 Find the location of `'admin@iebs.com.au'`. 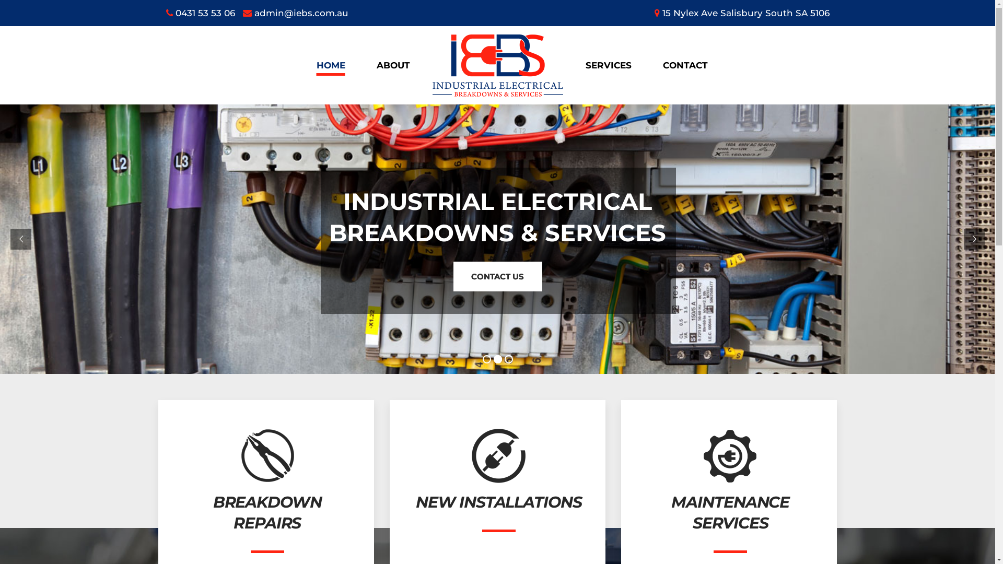

'admin@iebs.com.au' is located at coordinates (295, 13).